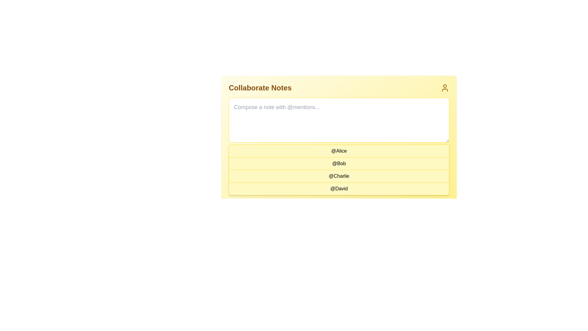  What do you see at coordinates (445, 88) in the screenshot?
I see `the user icon in the top-right corner of the 'Collaborate Notes' section, which is a minimalistic outline drawing of a person styled in yellow` at bounding box center [445, 88].